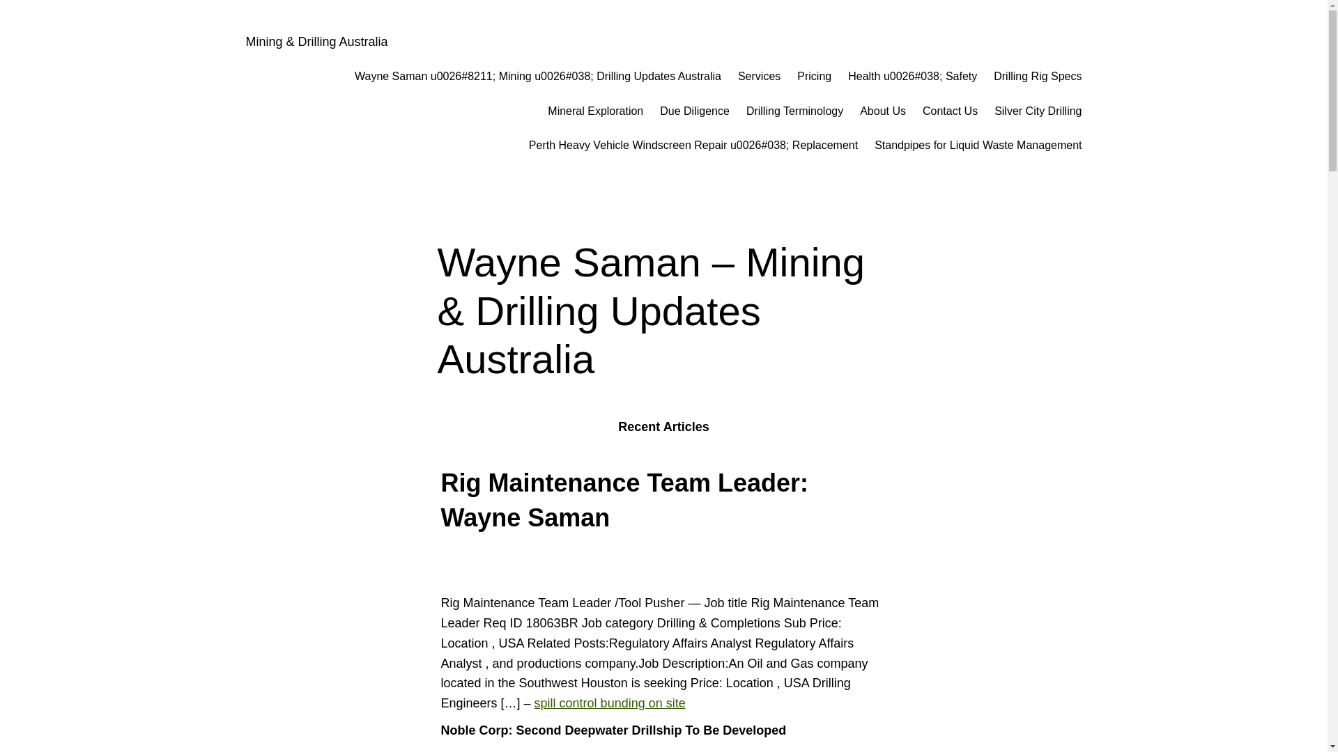 The height and width of the screenshot is (752, 1338). What do you see at coordinates (737, 77) in the screenshot?
I see `'Services'` at bounding box center [737, 77].